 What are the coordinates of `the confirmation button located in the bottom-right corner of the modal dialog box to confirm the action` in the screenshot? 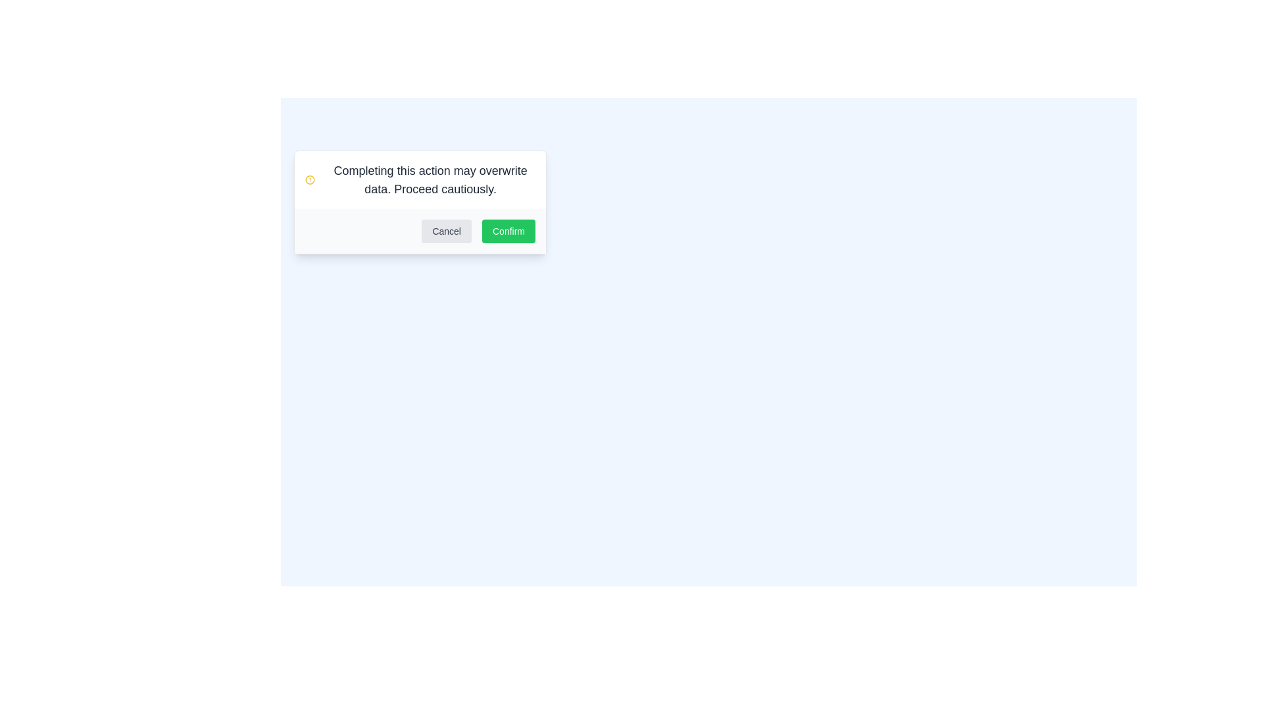 It's located at (508, 230).